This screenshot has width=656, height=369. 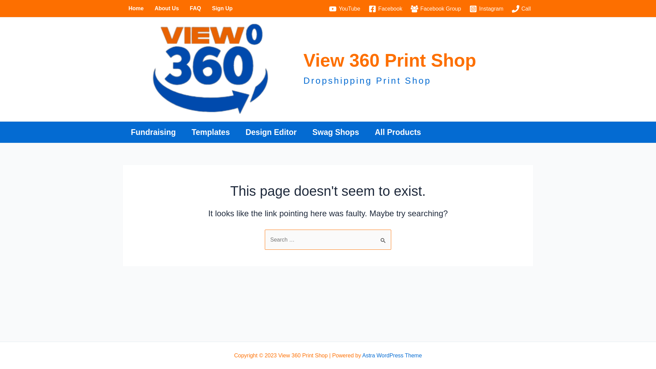 What do you see at coordinates (153, 132) in the screenshot?
I see `'Fundraising'` at bounding box center [153, 132].